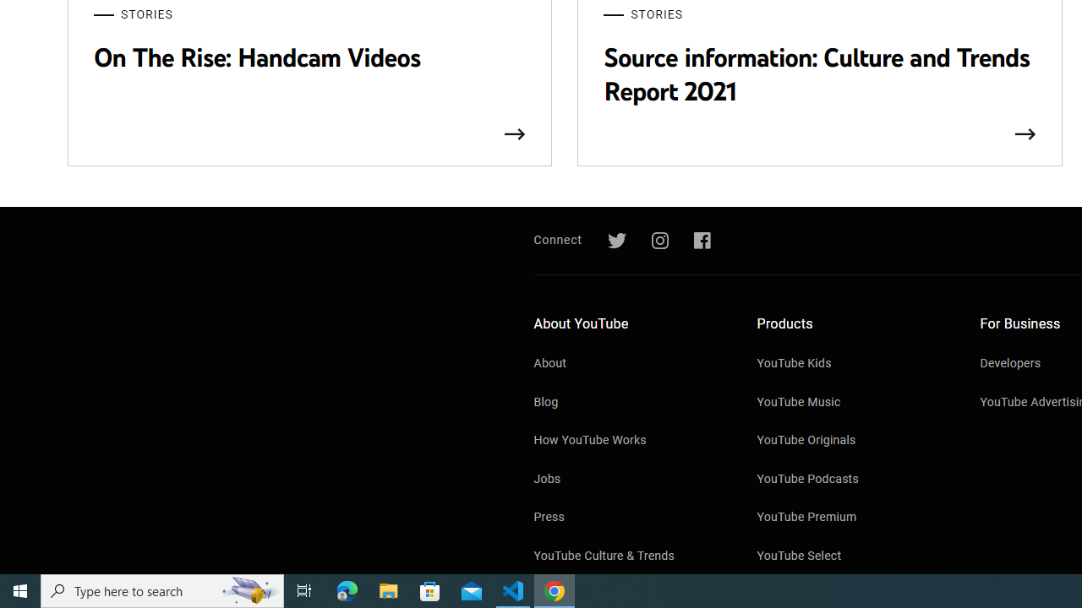  What do you see at coordinates (615, 241) in the screenshot?
I see `'Twitter'` at bounding box center [615, 241].